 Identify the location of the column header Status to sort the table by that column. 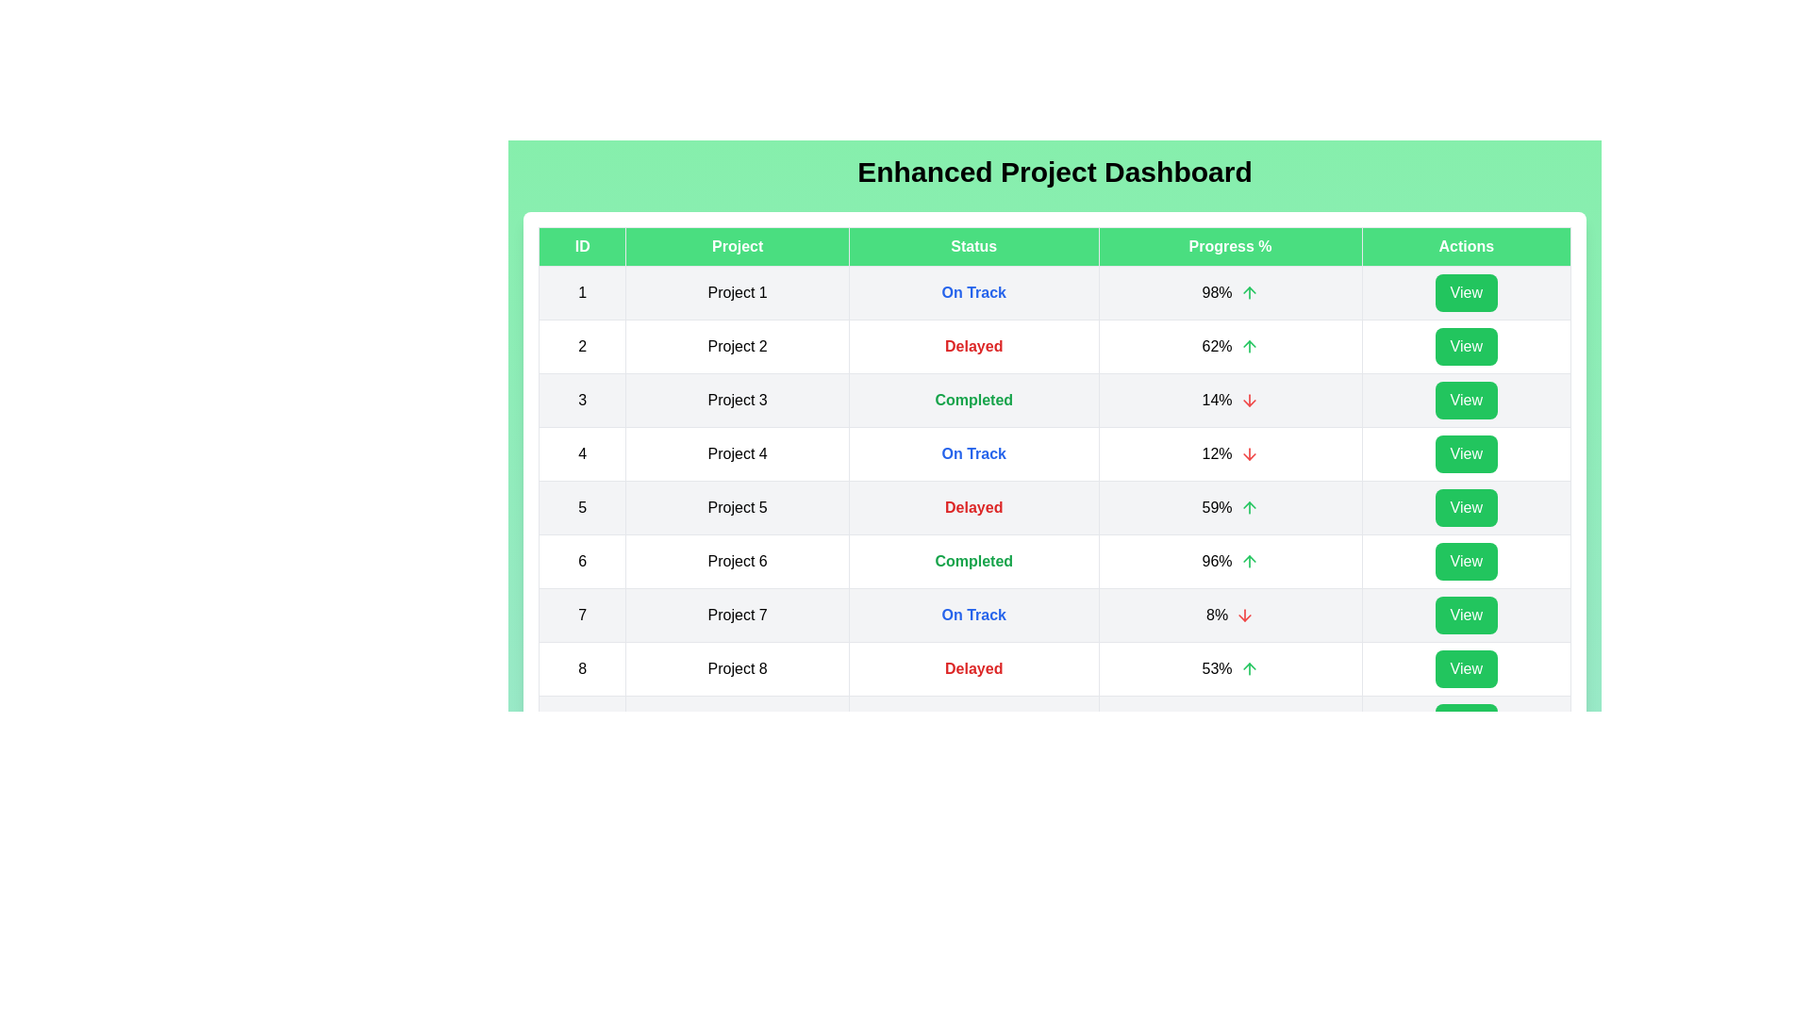
(973, 246).